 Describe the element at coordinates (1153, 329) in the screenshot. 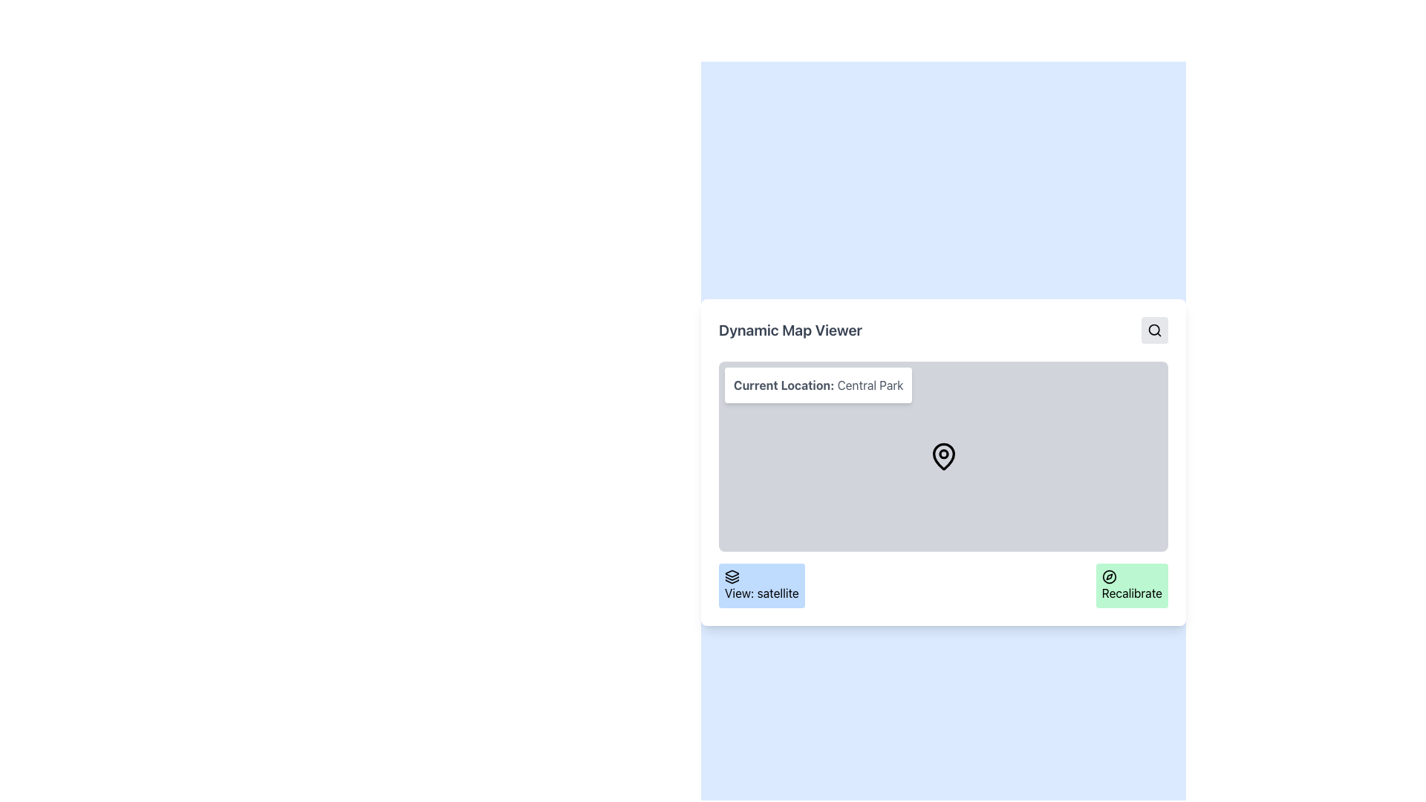

I see `the unfilled circle that is part of the magnifying glass icon, located near the top-right corner of the interface` at that location.